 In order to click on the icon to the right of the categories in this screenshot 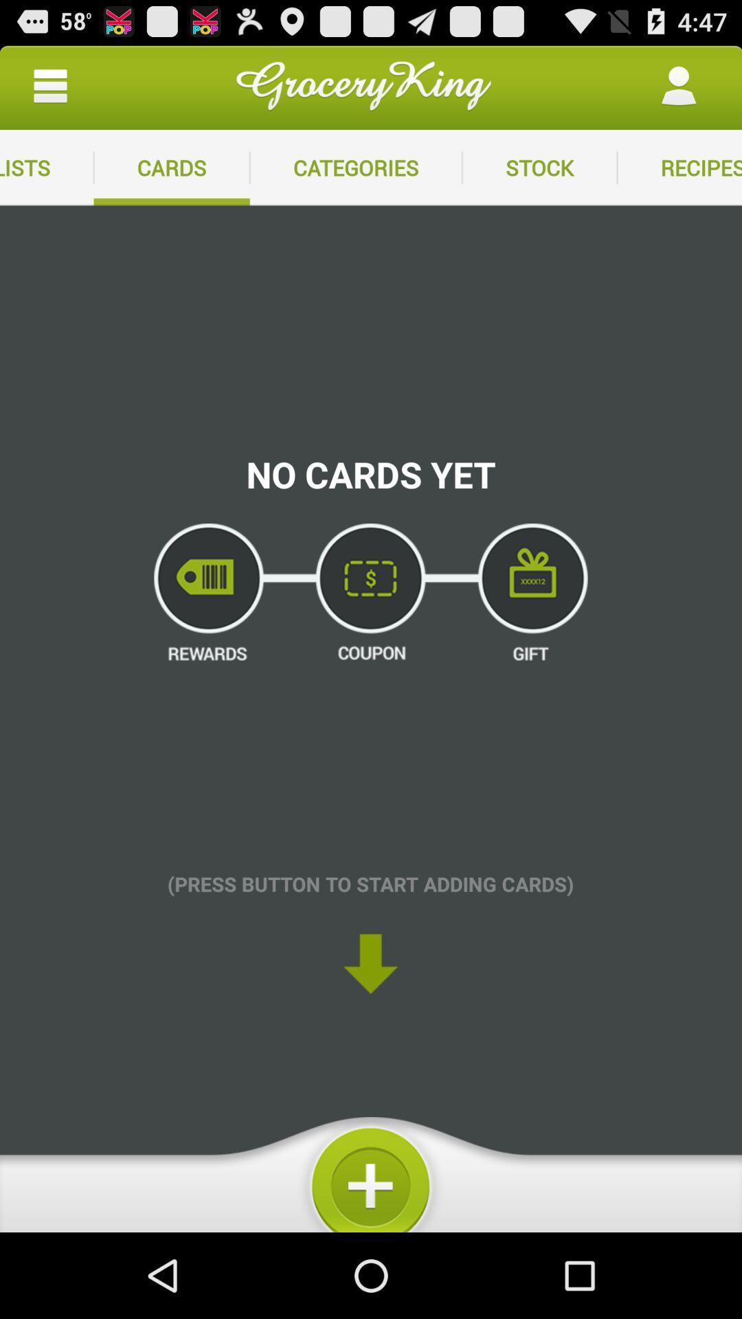, I will do `click(539, 167)`.